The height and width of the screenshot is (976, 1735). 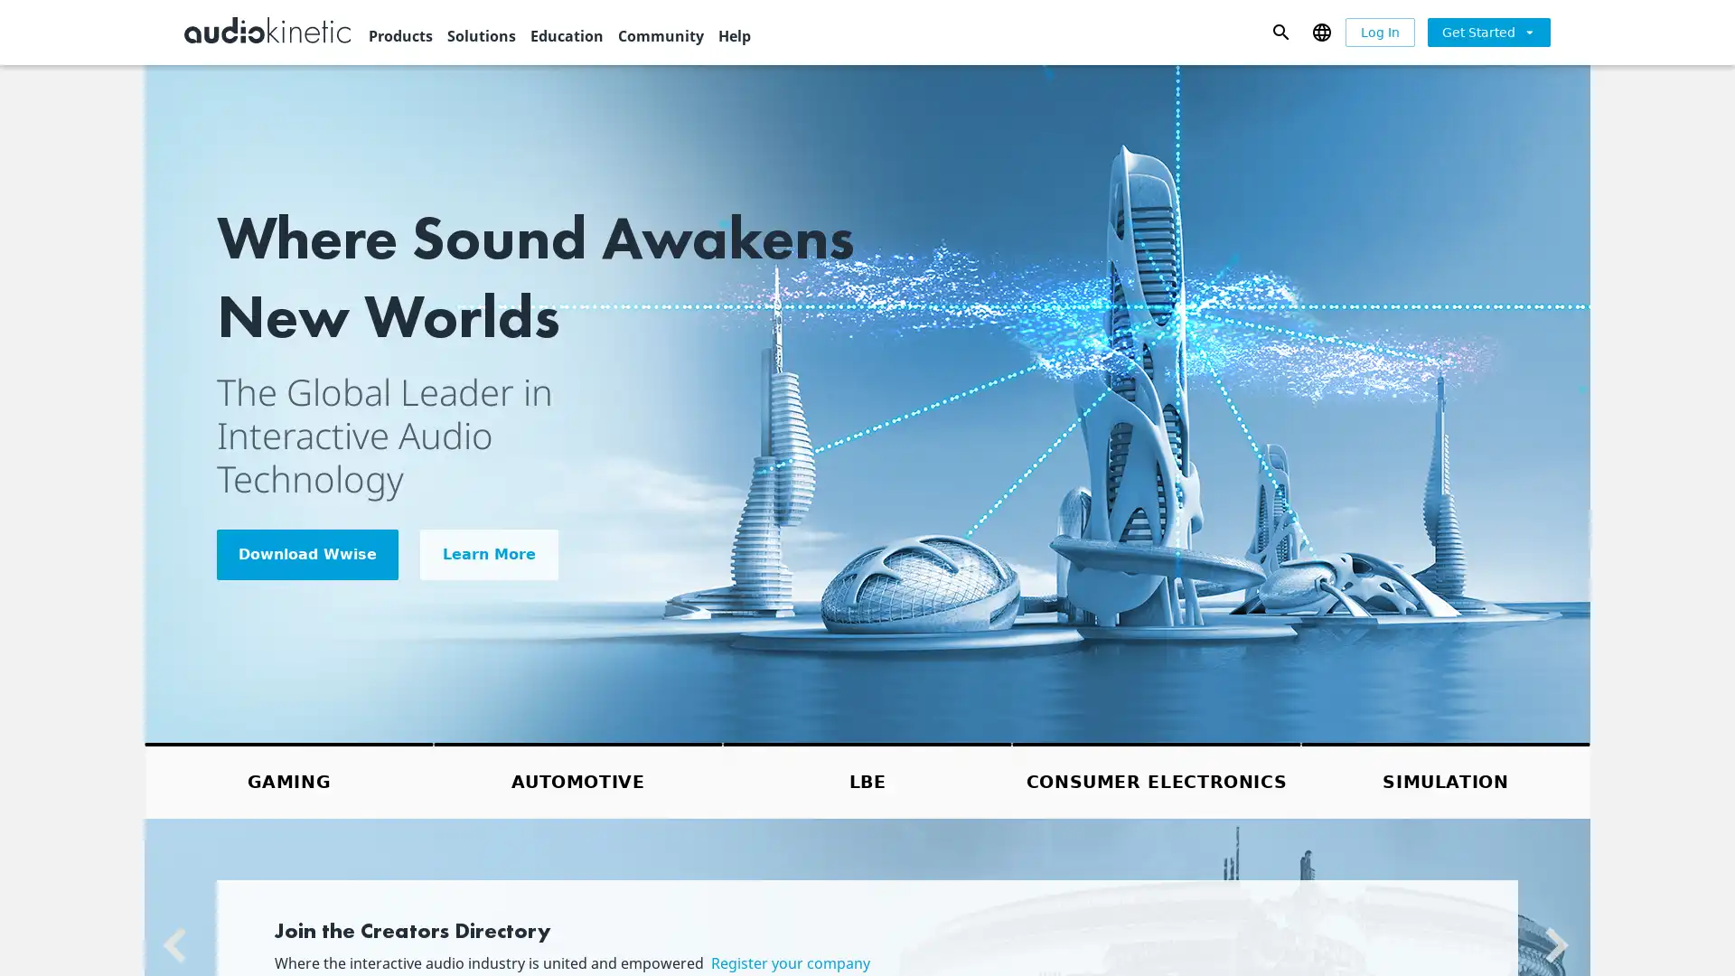 What do you see at coordinates (1321, 31) in the screenshot?
I see `language` at bounding box center [1321, 31].